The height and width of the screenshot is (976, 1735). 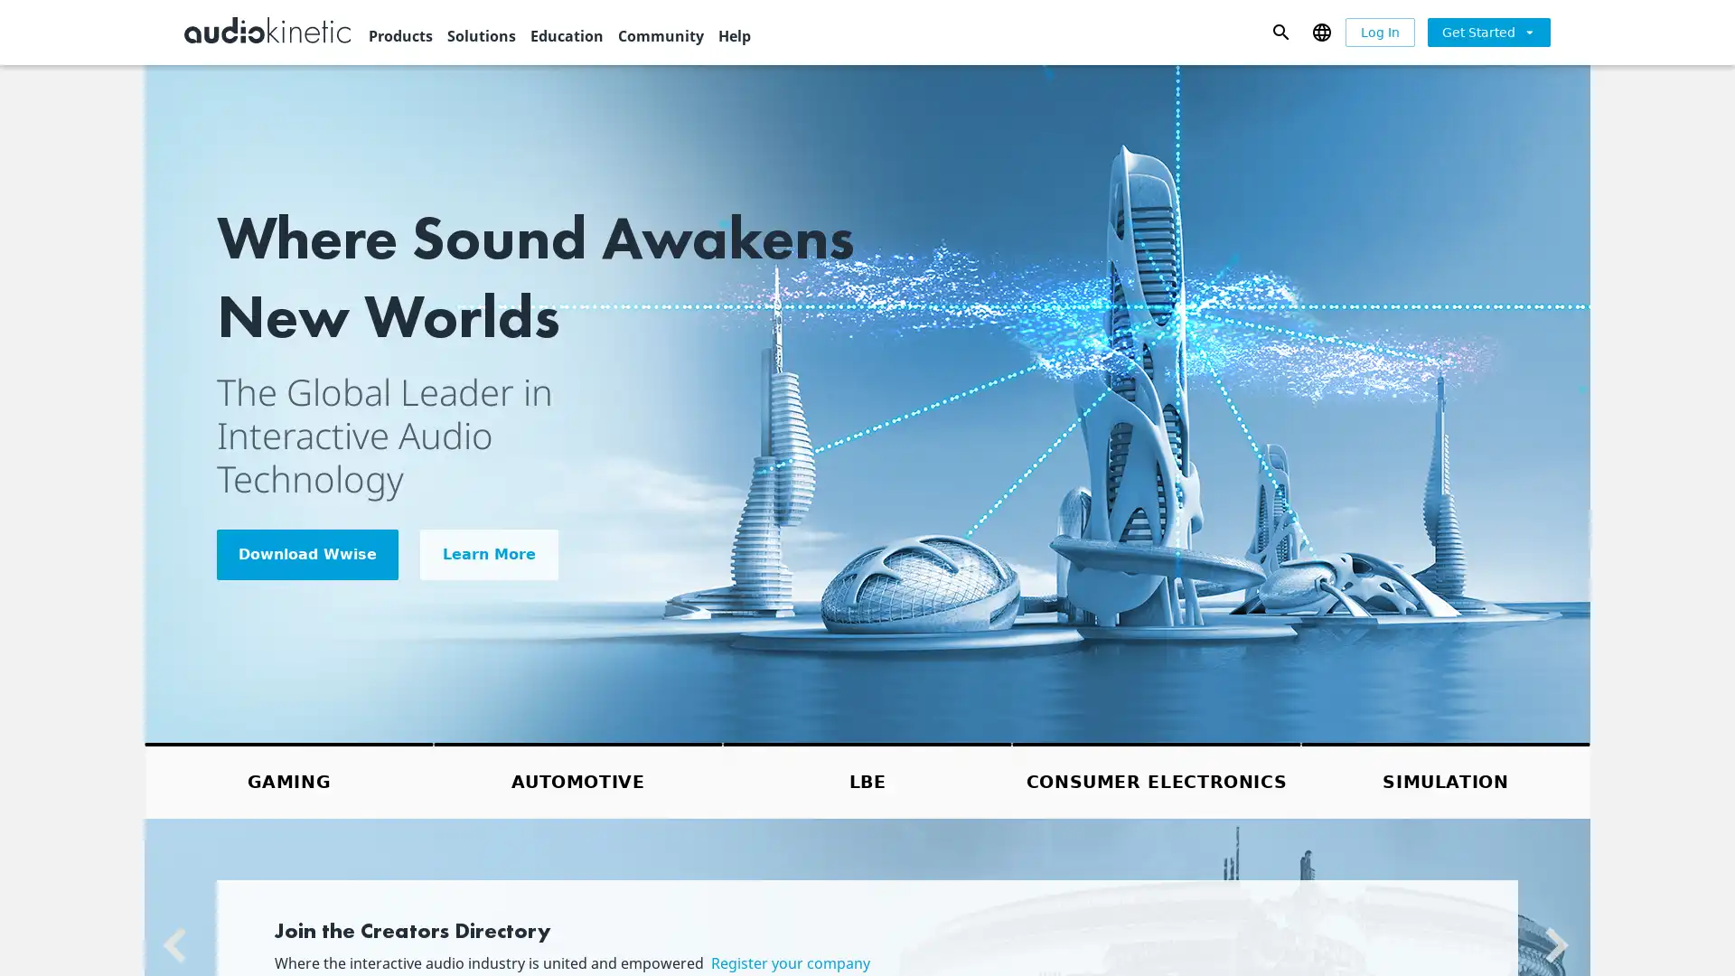 What do you see at coordinates (1321, 31) in the screenshot?
I see `language` at bounding box center [1321, 31].